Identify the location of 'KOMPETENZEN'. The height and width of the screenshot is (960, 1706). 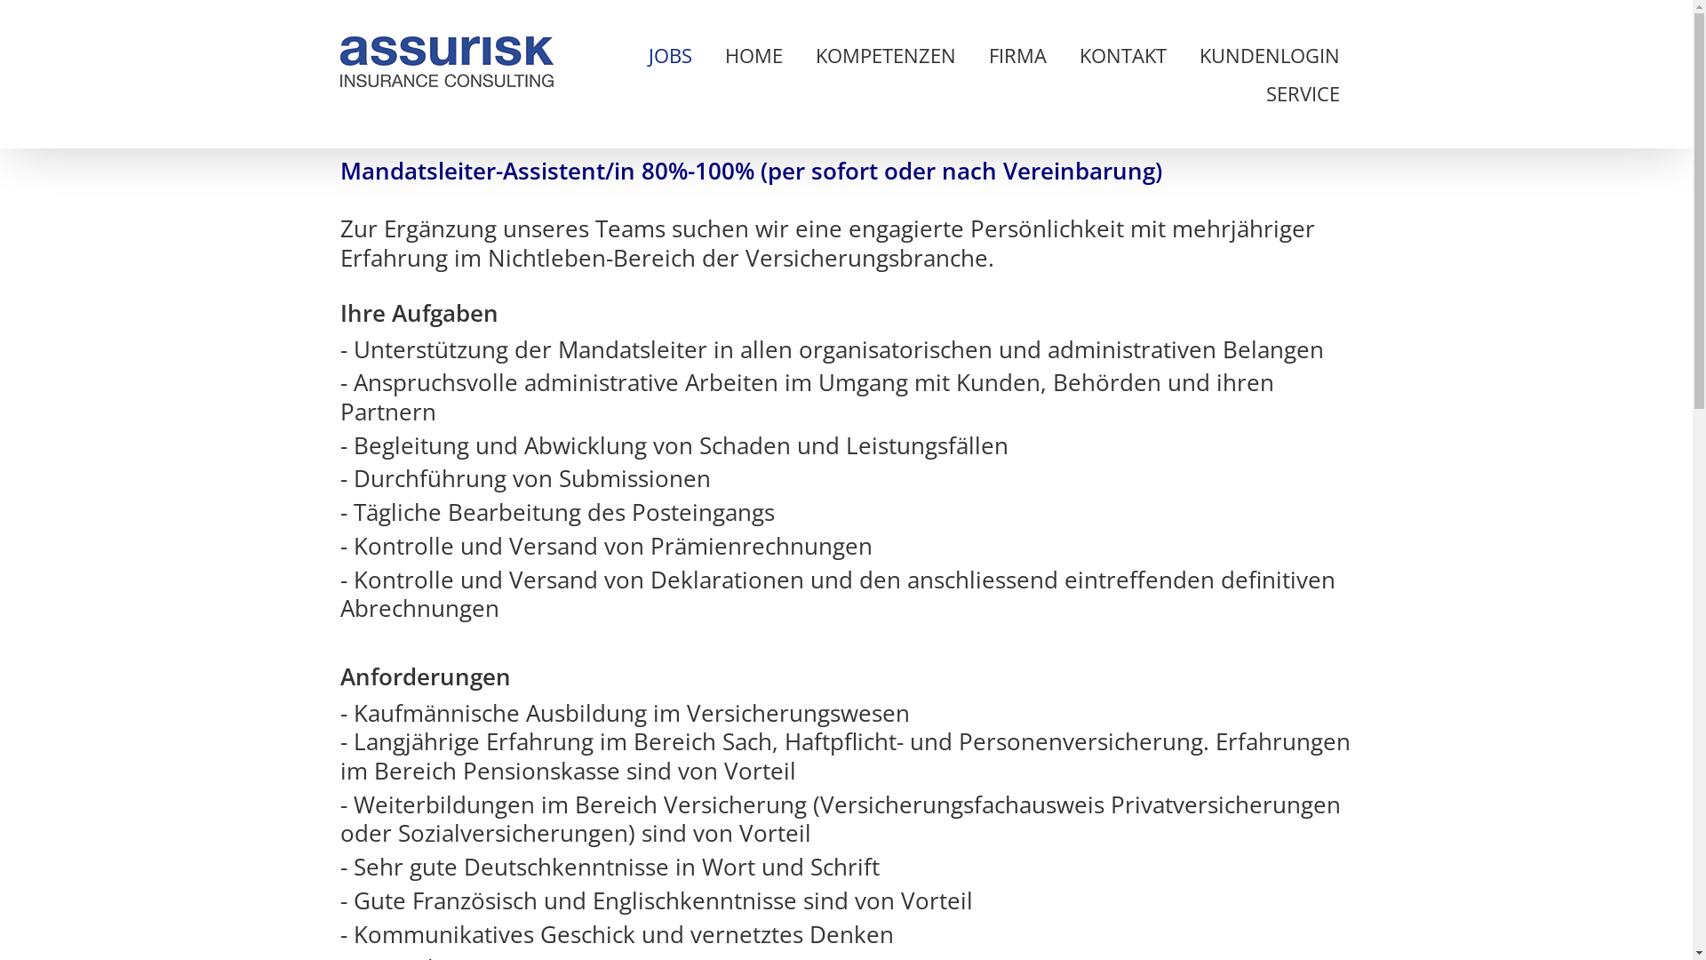
(885, 54).